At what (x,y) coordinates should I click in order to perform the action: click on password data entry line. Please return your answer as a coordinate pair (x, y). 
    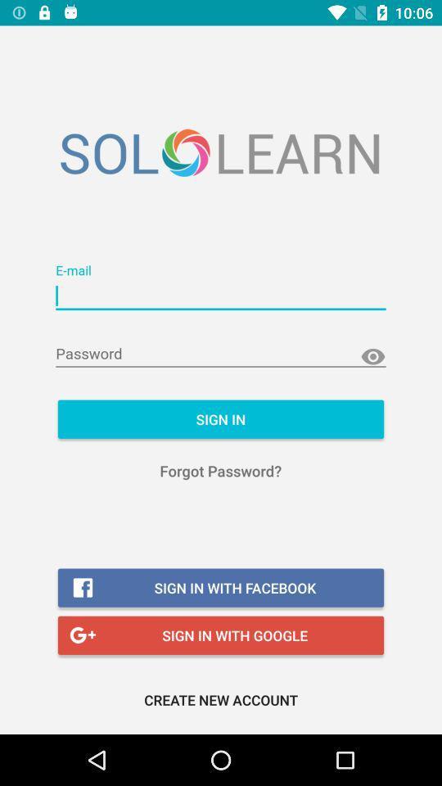
    Looking at the image, I should click on (221, 354).